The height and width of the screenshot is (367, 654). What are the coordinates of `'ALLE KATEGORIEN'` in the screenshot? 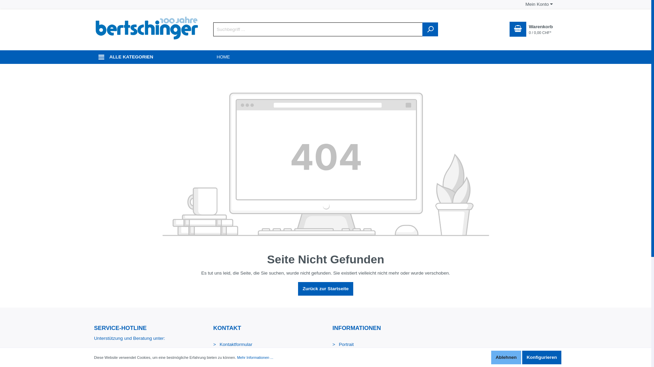 It's located at (146, 57).